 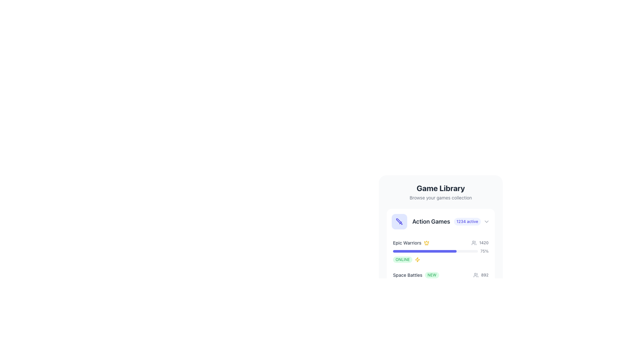 I want to click on 'NEW' label with a green background indicating new status, located to the right of 'Space Battles' in the 'Action Games' section, so click(x=432, y=275).